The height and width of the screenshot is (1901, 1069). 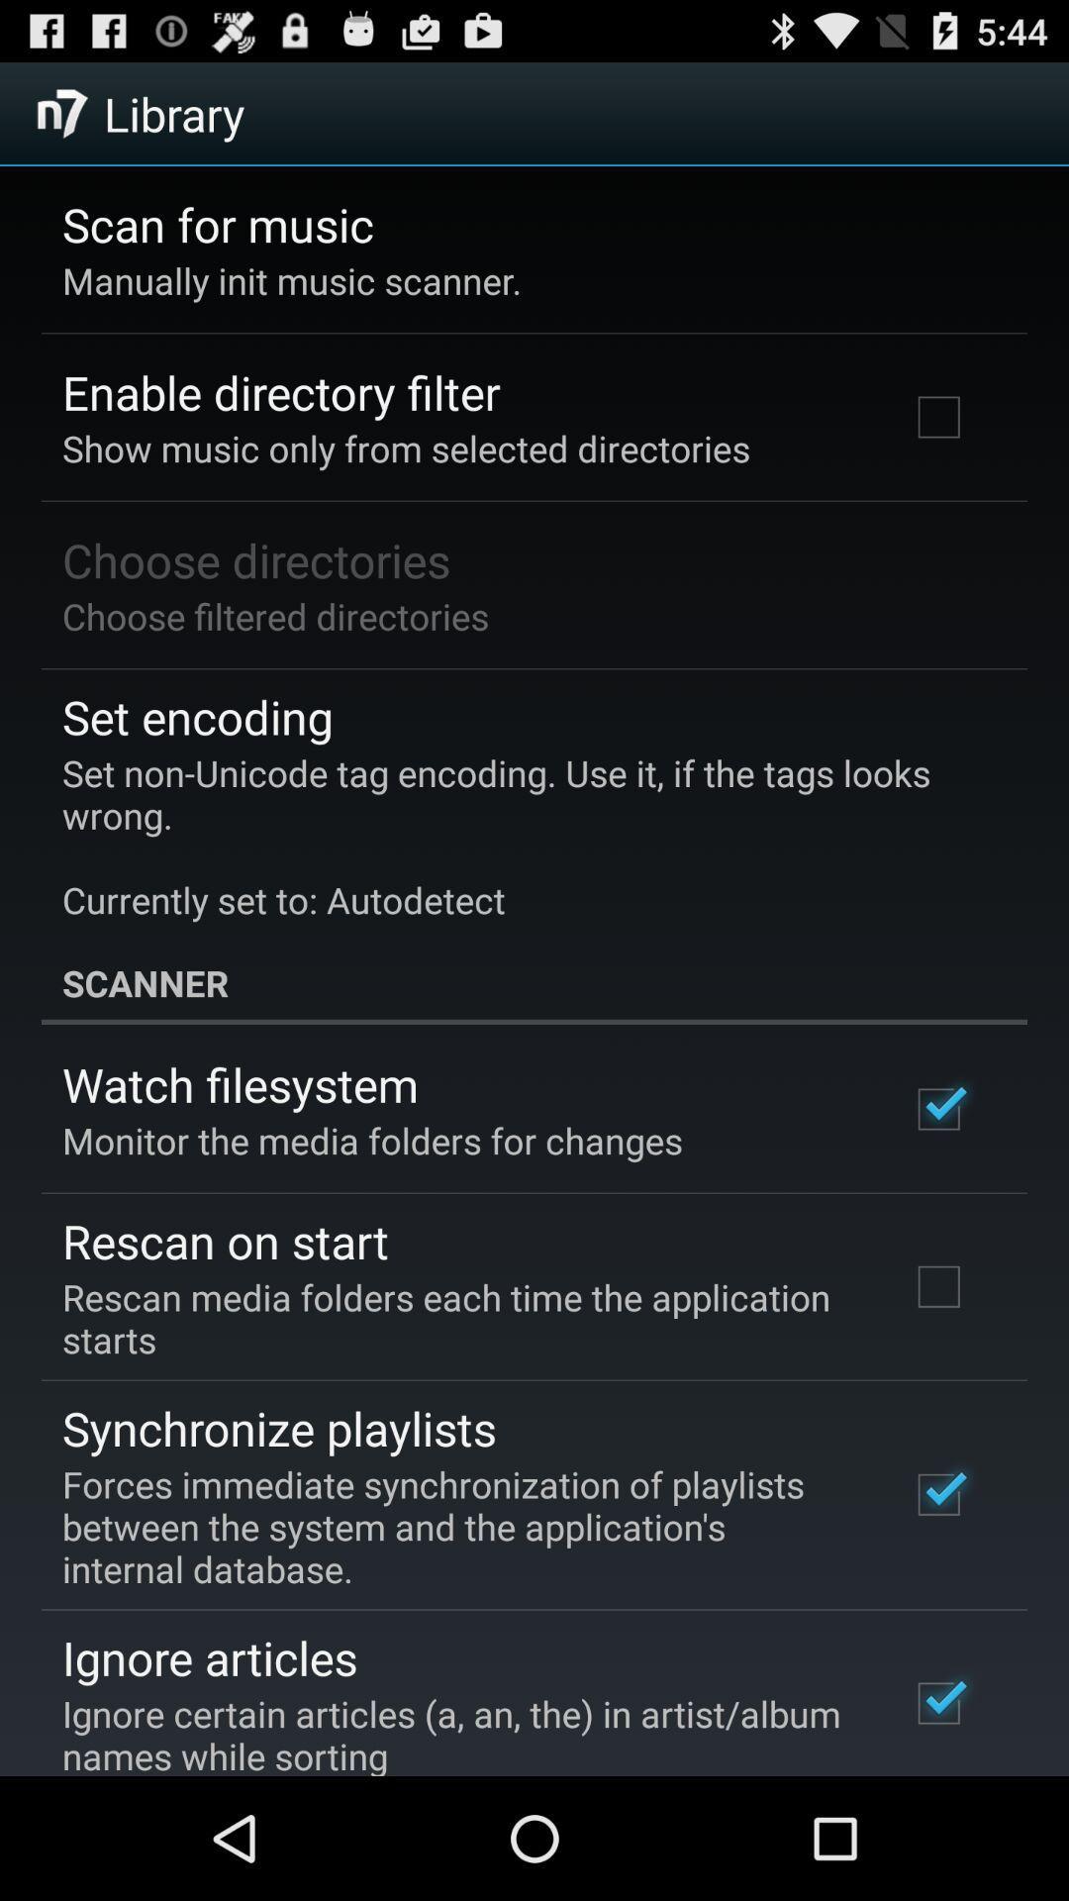 I want to click on the app above the show music only, so click(x=281, y=392).